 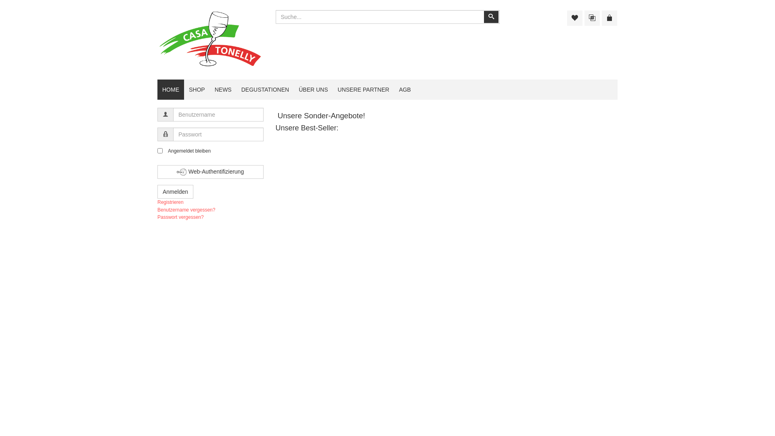 I want to click on 'Suchen', so click(x=490, y=17).